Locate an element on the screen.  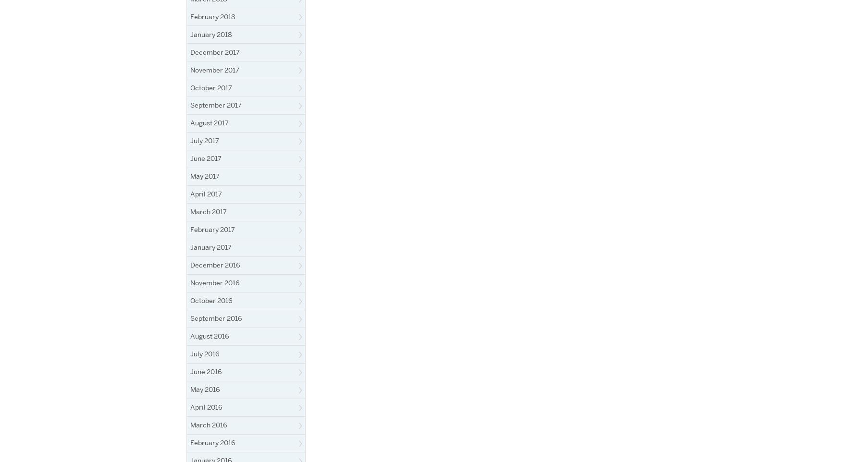
'May 2017' is located at coordinates (190, 176).